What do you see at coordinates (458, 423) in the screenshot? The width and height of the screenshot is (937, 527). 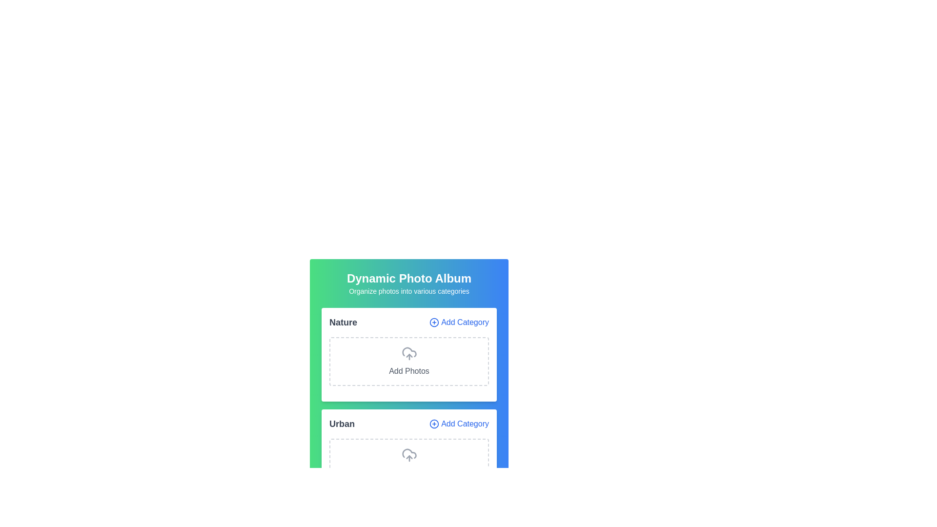 I see `the 'Add Category' button located at the bottom-right corner of the 'Urban' section` at bounding box center [458, 423].